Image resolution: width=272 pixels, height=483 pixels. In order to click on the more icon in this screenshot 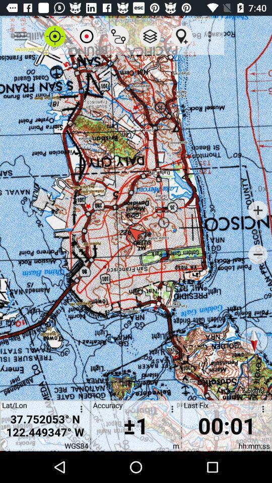, I will do `click(261, 411)`.